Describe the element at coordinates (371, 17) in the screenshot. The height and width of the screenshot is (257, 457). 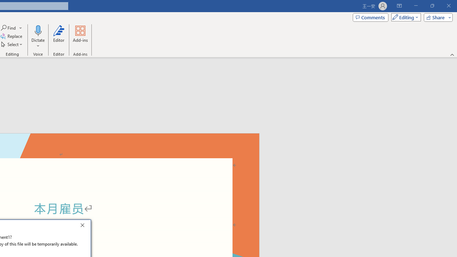
I see `'Comments'` at that location.